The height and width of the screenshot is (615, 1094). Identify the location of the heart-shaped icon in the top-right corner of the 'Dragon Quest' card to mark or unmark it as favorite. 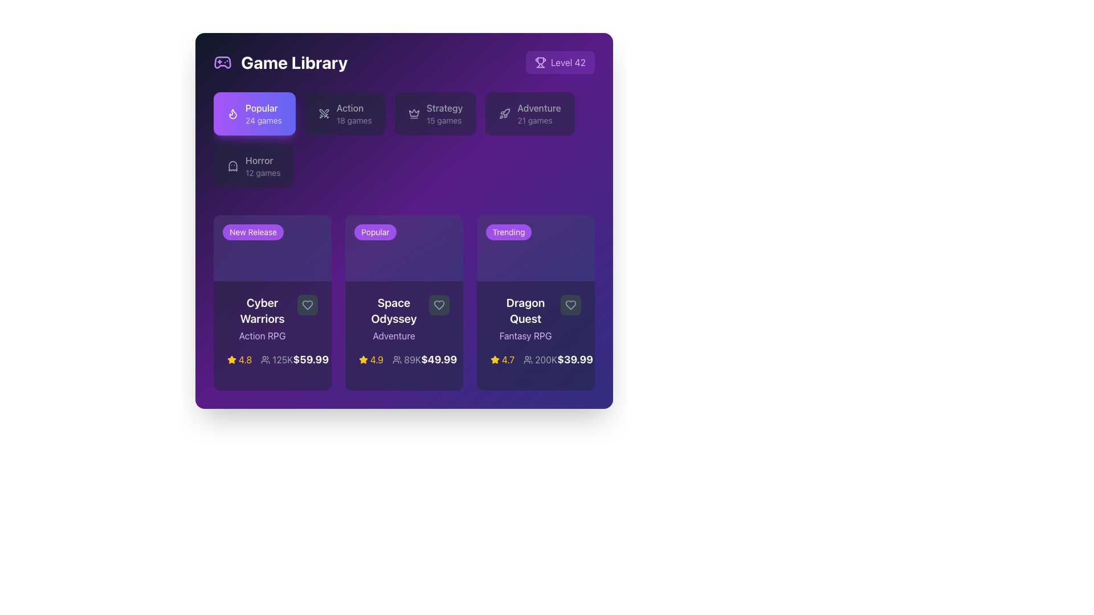
(571, 305).